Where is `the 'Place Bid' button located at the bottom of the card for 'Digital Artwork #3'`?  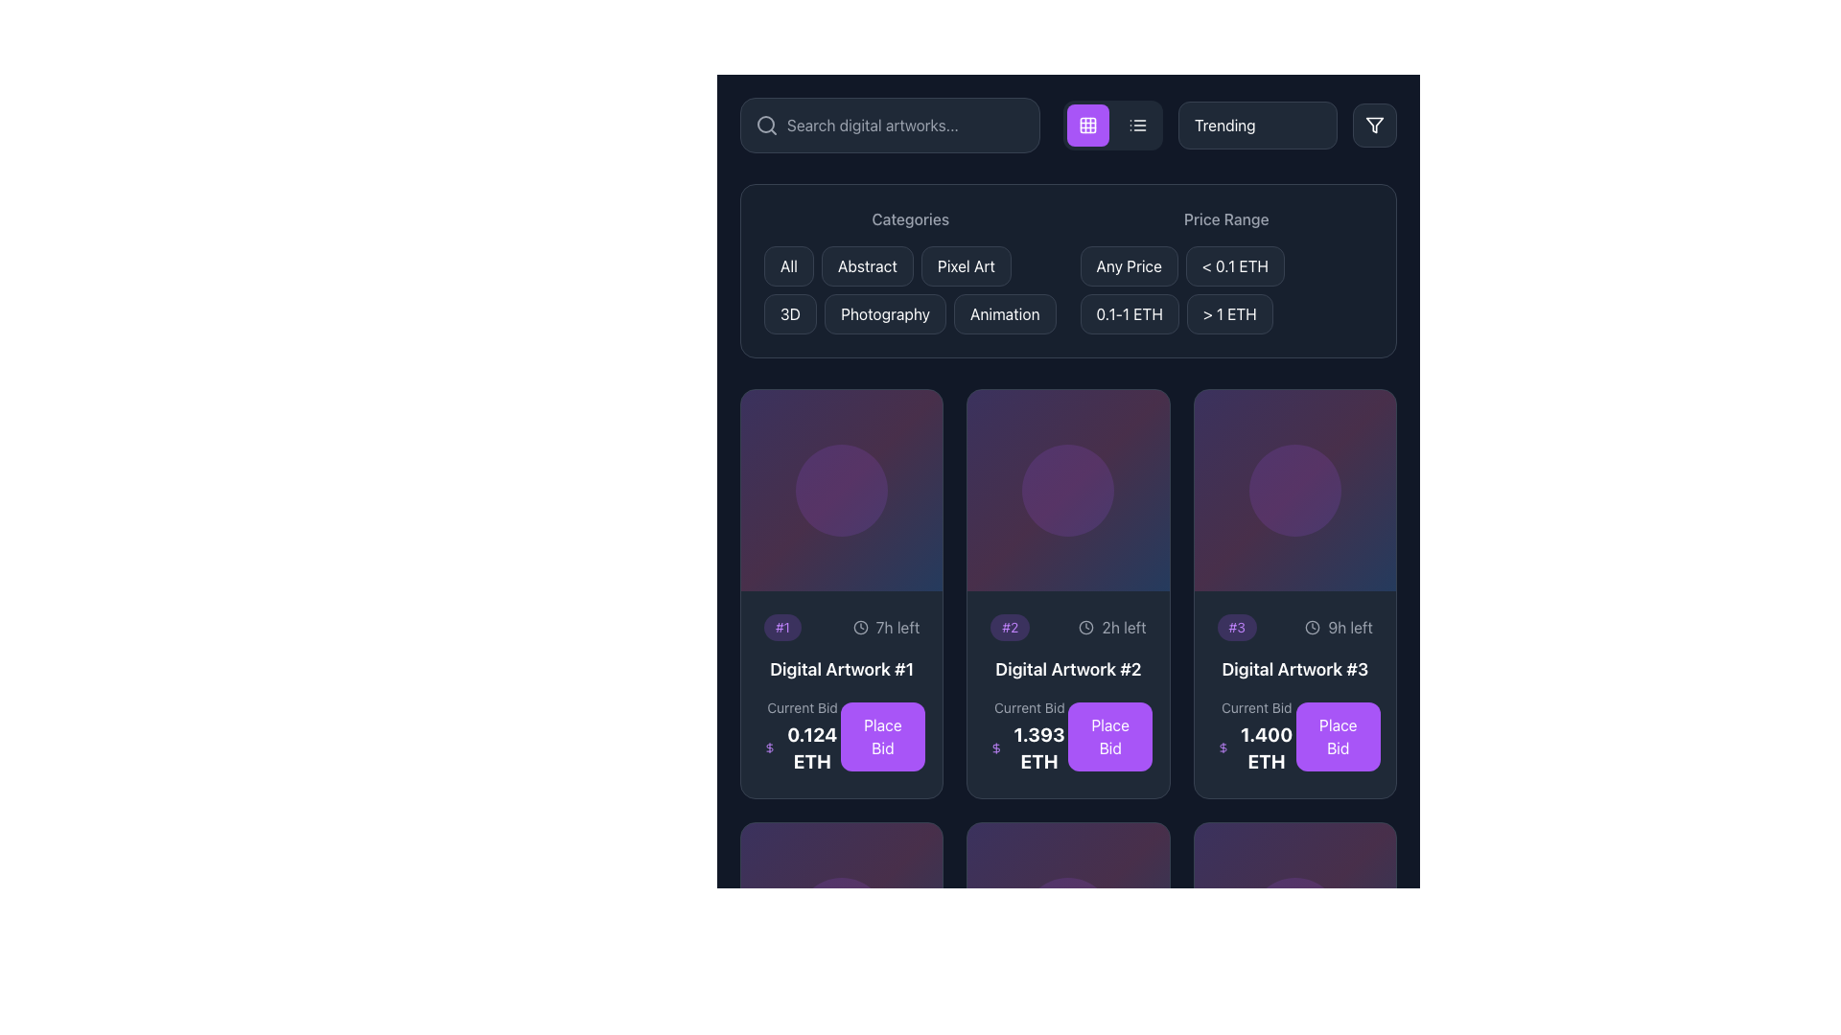
the 'Place Bid' button located at the bottom of the card for 'Digital Artwork #3' is located at coordinates (1294, 736).